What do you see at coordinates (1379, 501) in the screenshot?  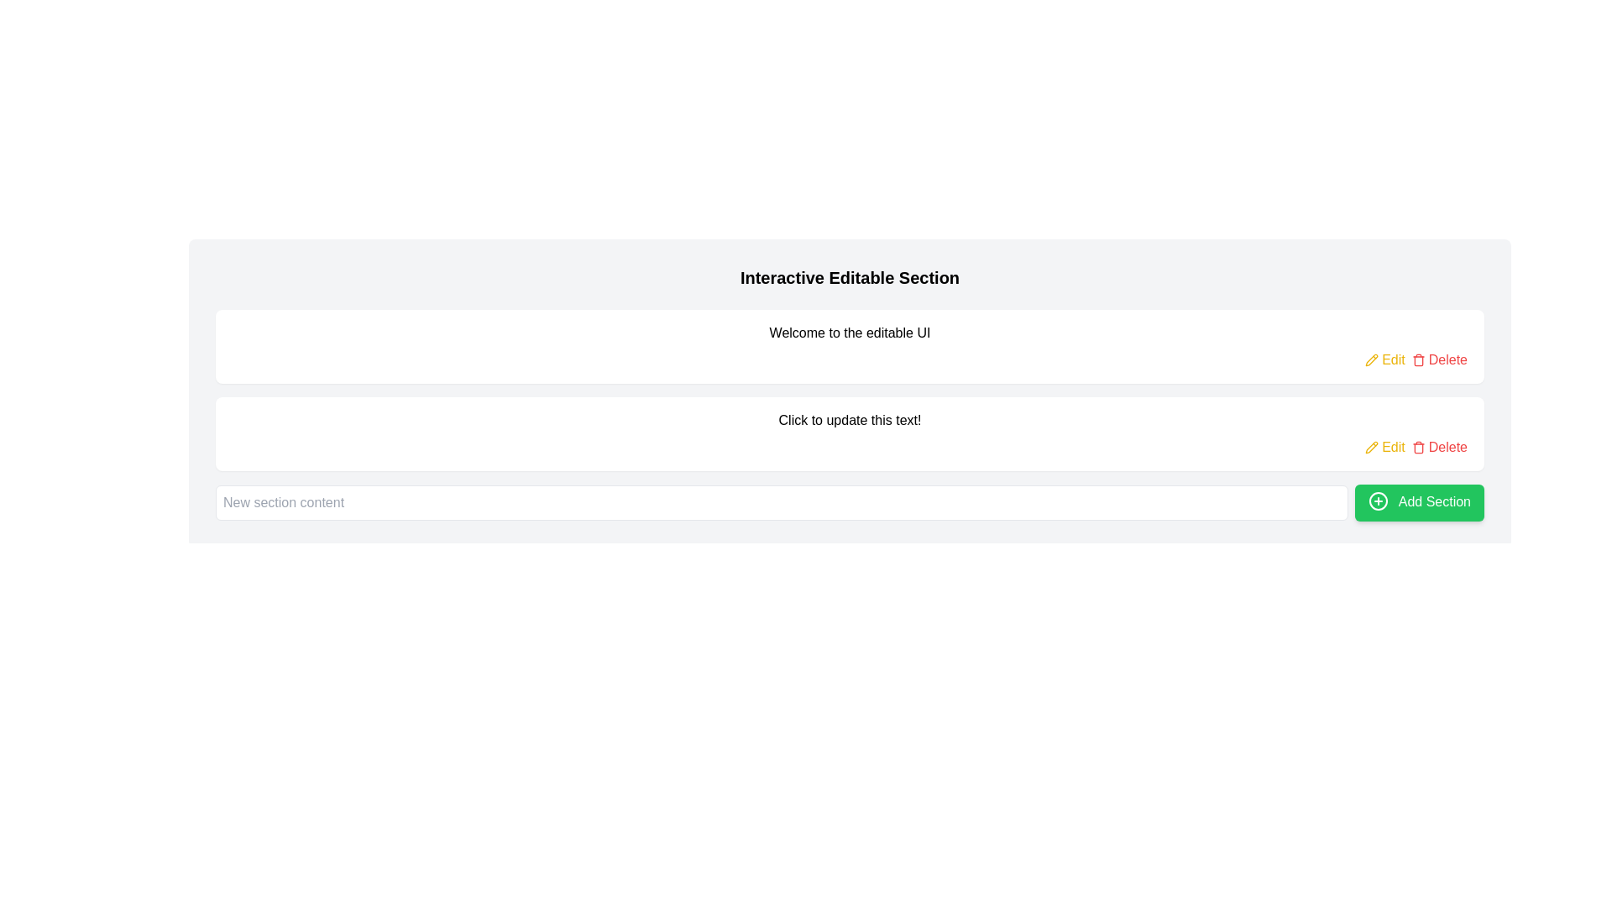 I see `the icon that serves as a visual indicator for the 'Add Section' button located in the bottom-right corner of the layout` at bounding box center [1379, 501].